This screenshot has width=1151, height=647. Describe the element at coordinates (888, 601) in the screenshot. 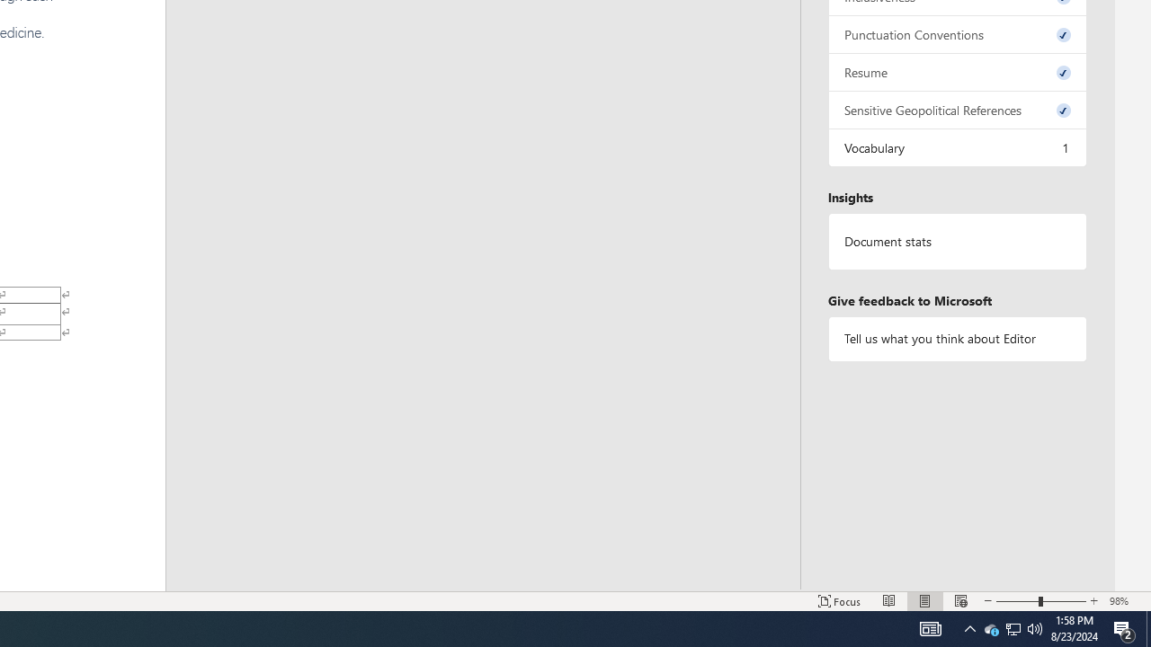

I see `'Read Mode'` at that location.